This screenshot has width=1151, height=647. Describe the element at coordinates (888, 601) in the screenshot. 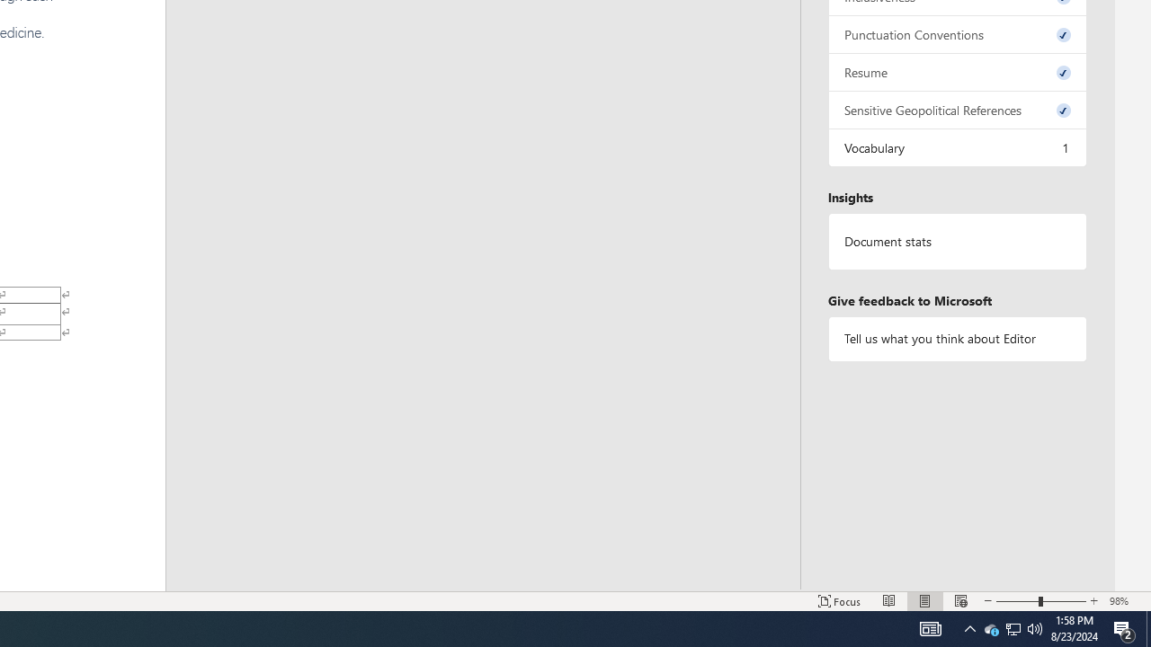

I see `'Read Mode'` at that location.